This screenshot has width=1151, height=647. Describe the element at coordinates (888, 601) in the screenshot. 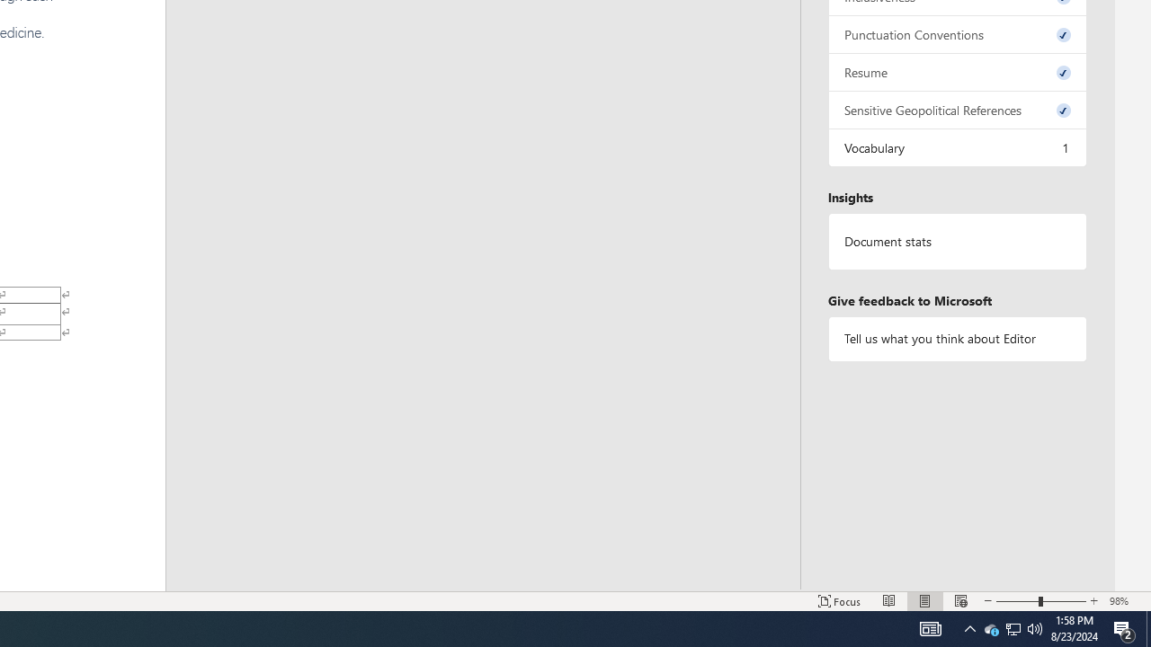

I see `'Read Mode'` at that location.